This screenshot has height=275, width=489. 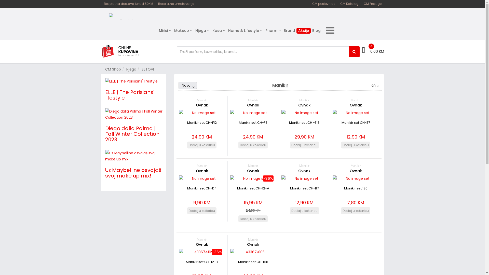 What do you see at coordinates (253, 252) in the screenshot?
I see `'Manikir set CH-B18'` at bounding box center [253, 252].